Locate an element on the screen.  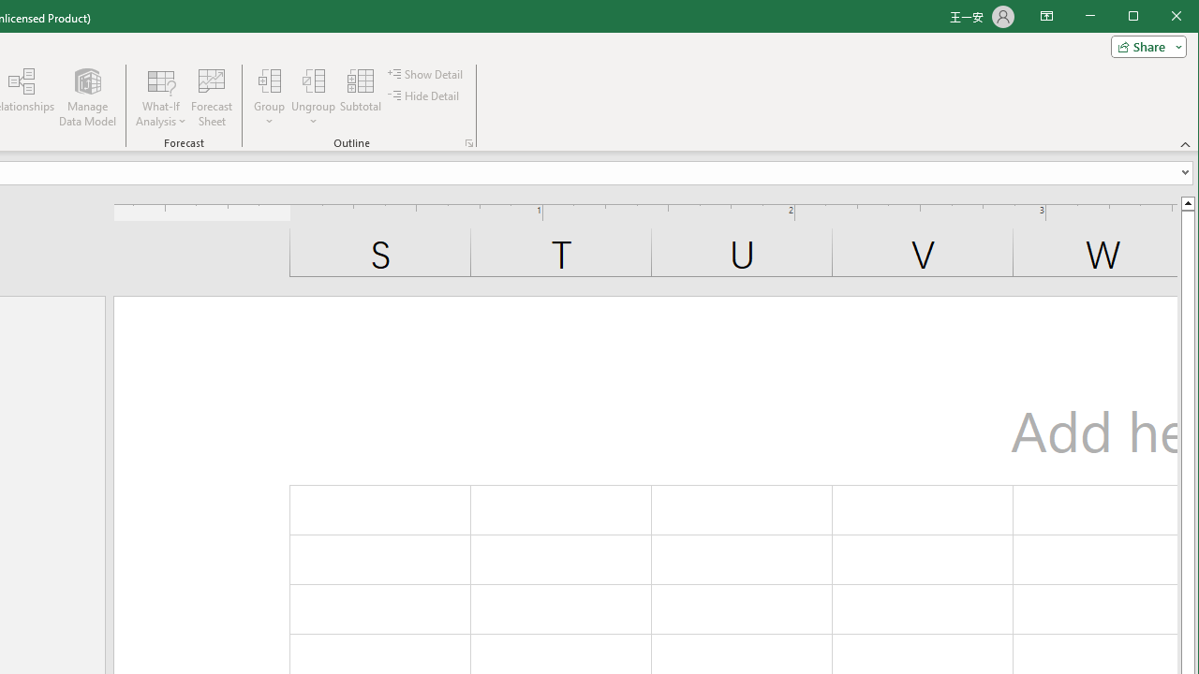
'Forecast Sheet' is located at coordinates (212, 97).